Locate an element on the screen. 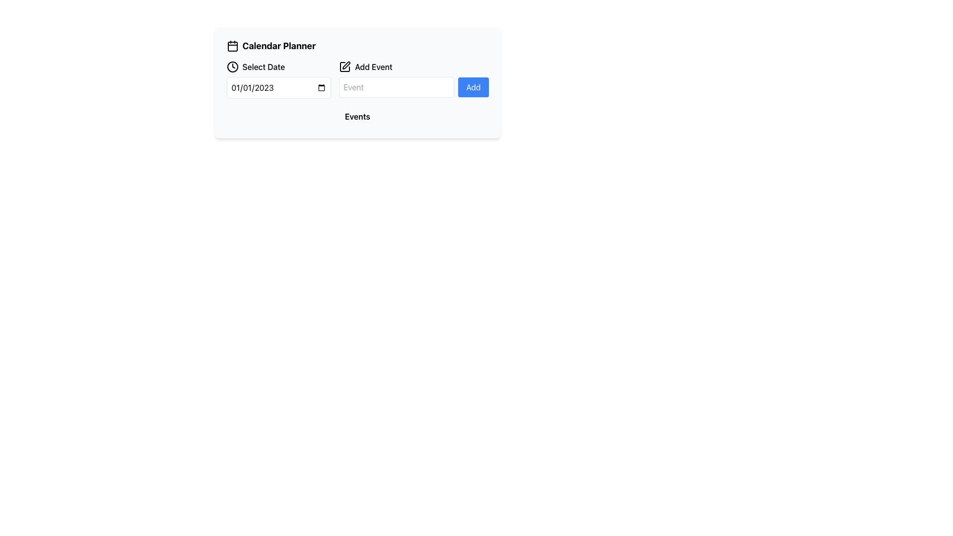 This screenshot has height=536, width=953. the blue button labeled 'Add' in the 'Add Event' section of the calendar planner interface is located at coordinates (473, 87).